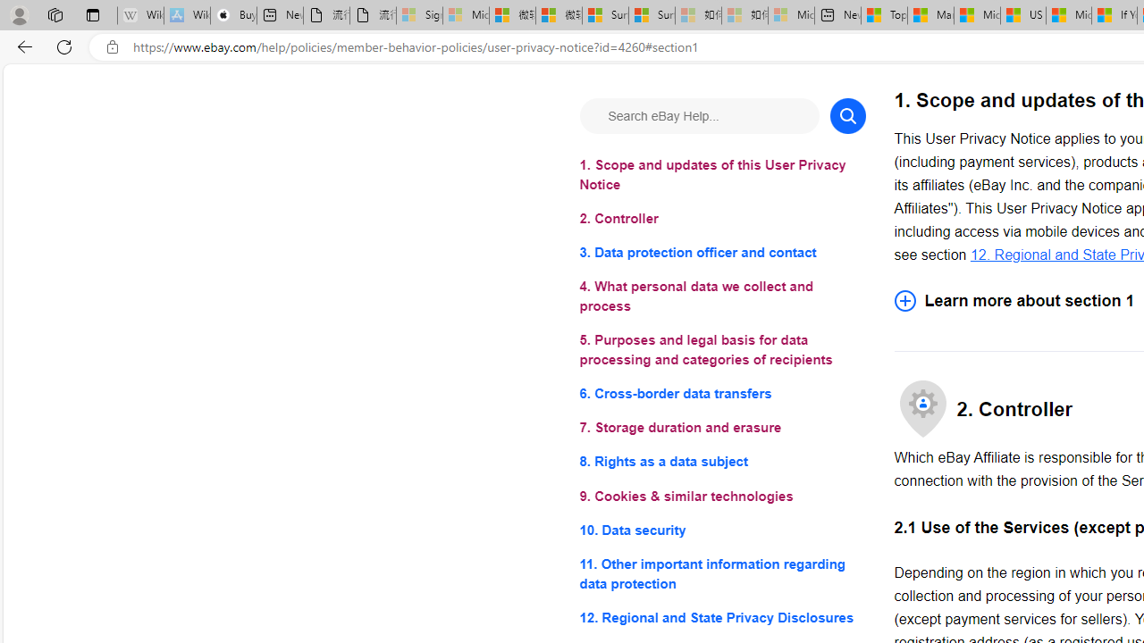 This screenshot has height=643, width=1144. I want to click on 'Microsoft Services Agreement - Sleeping', so click(465, 15).